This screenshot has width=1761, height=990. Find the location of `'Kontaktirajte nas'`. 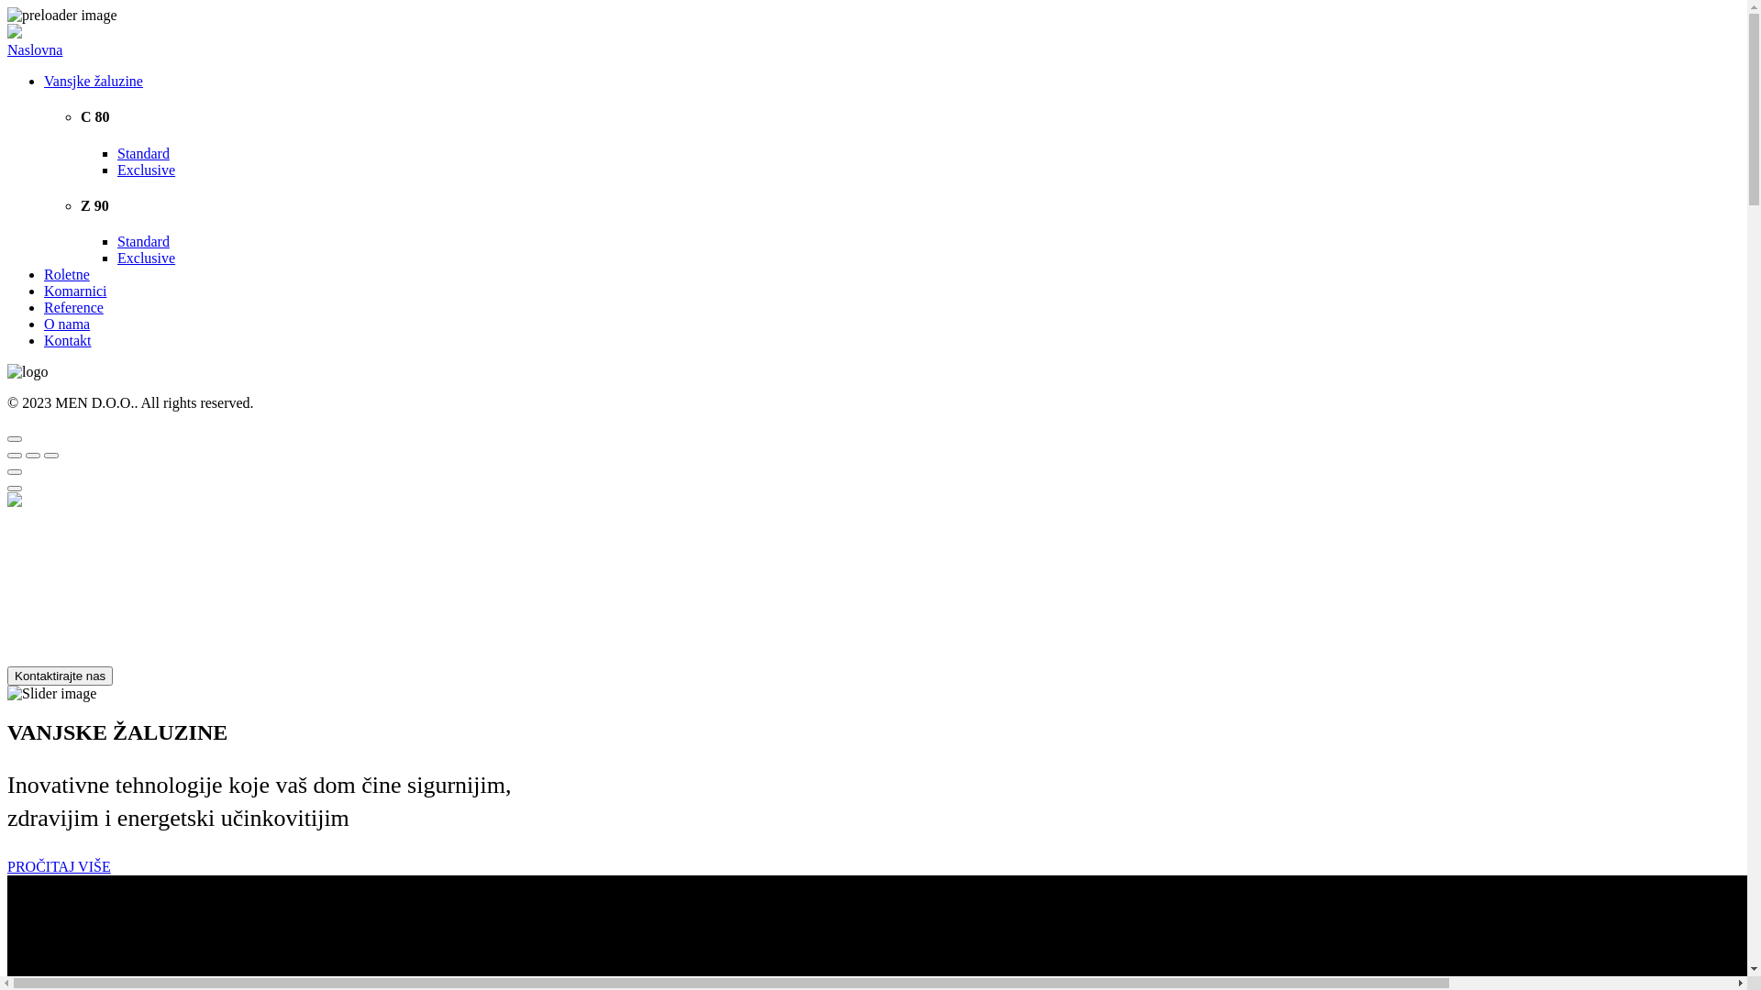

'Kontaktirajte nas' is located at coordinates (60, 675).